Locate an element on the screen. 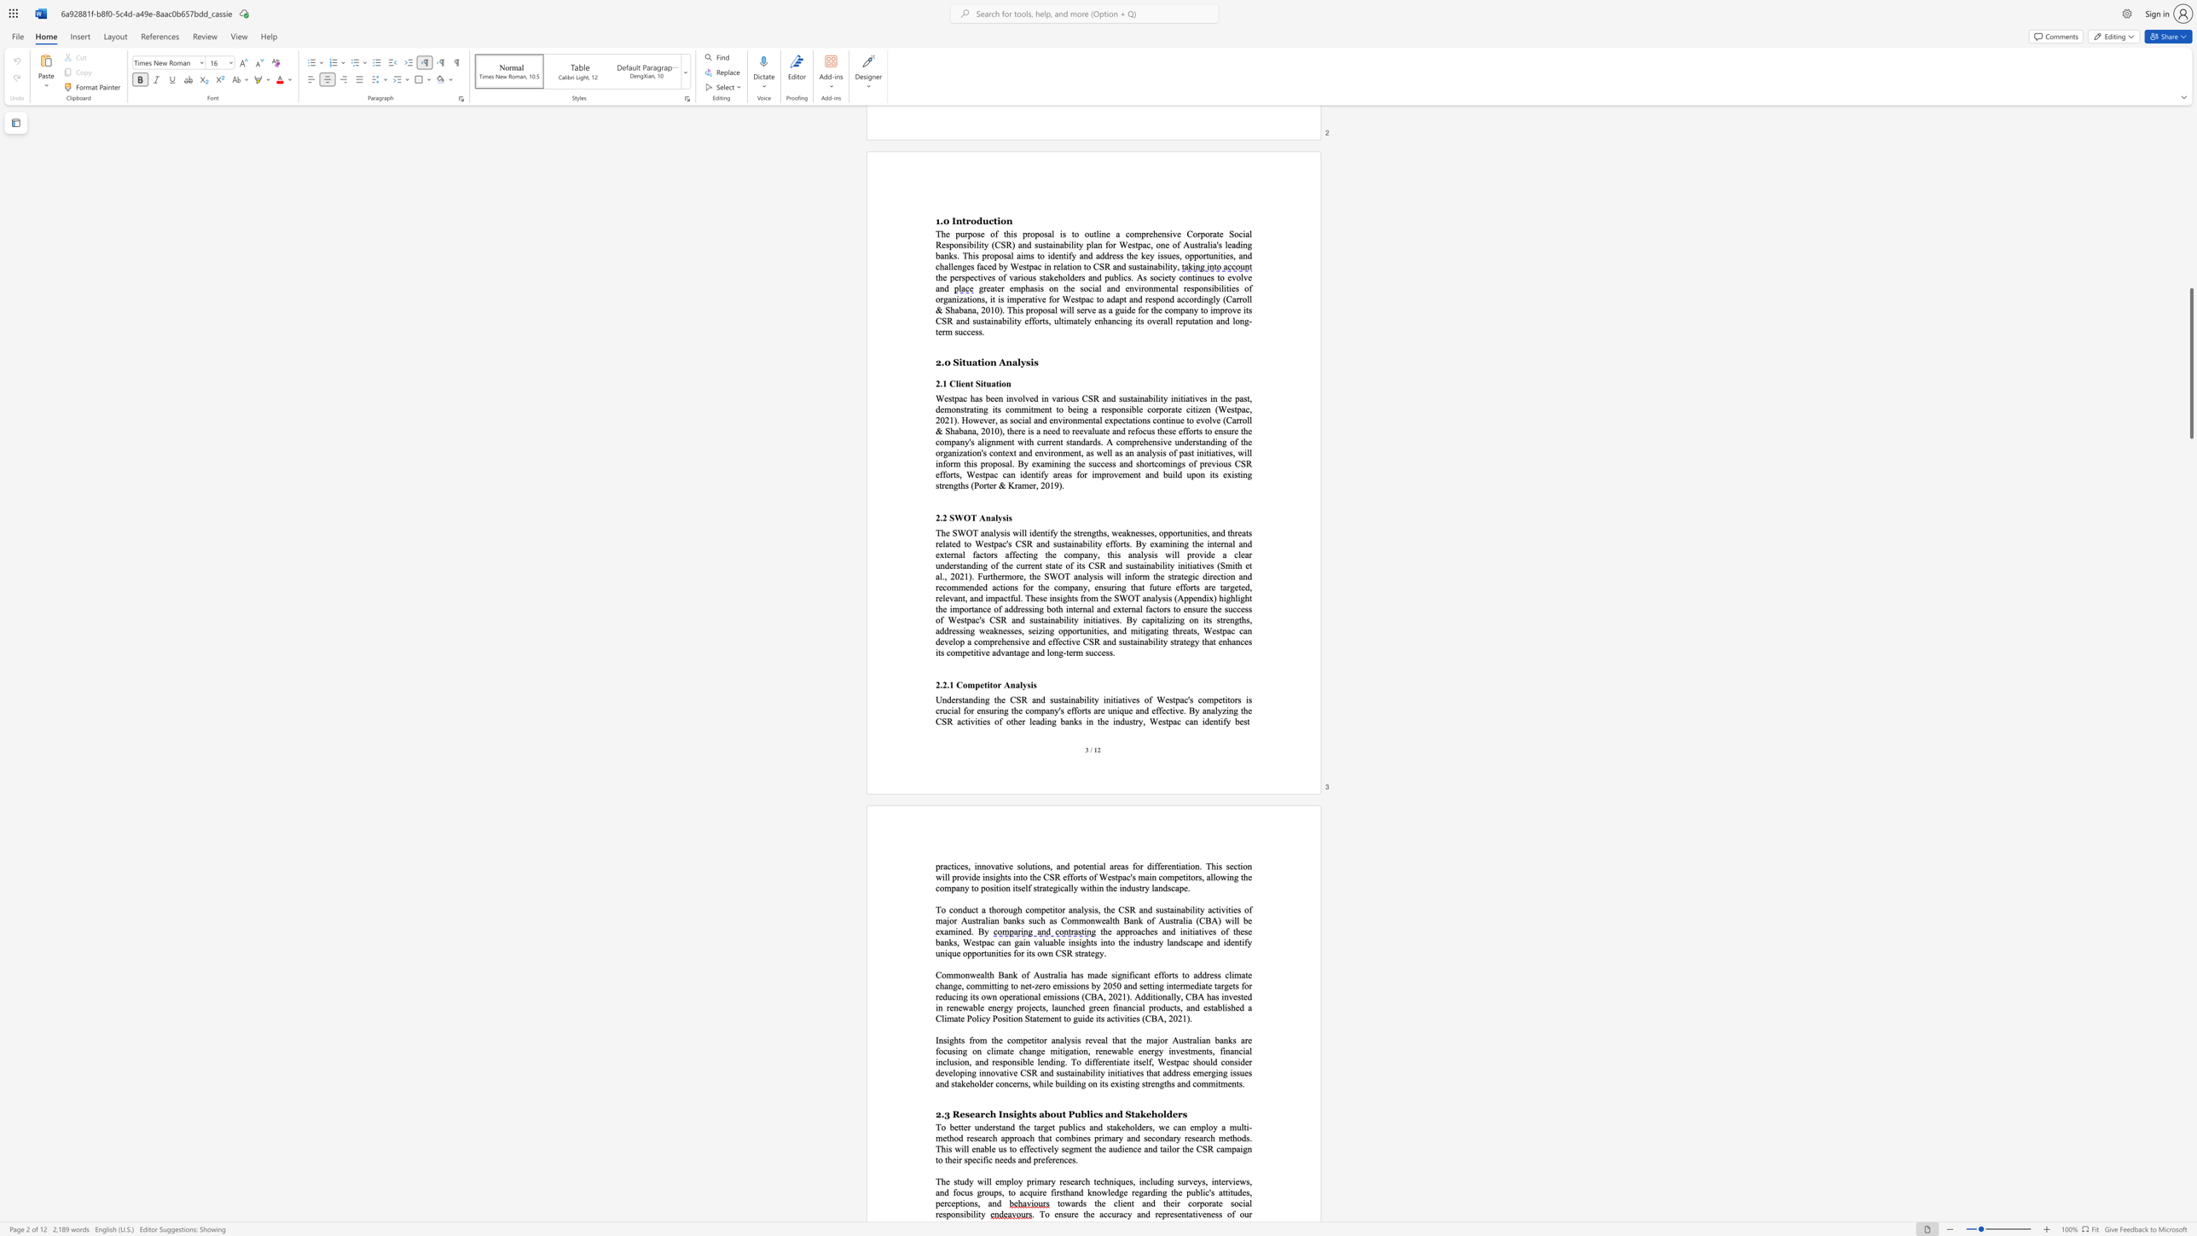 The image size is (2197, 1236). the subset text "rception" within the text "perceptions" is located at coordinates (944, 1202).